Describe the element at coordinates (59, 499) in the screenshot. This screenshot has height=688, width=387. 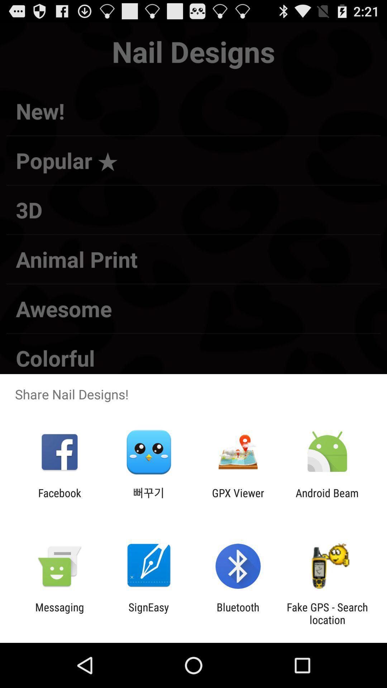
I see `facebook item` at that location.